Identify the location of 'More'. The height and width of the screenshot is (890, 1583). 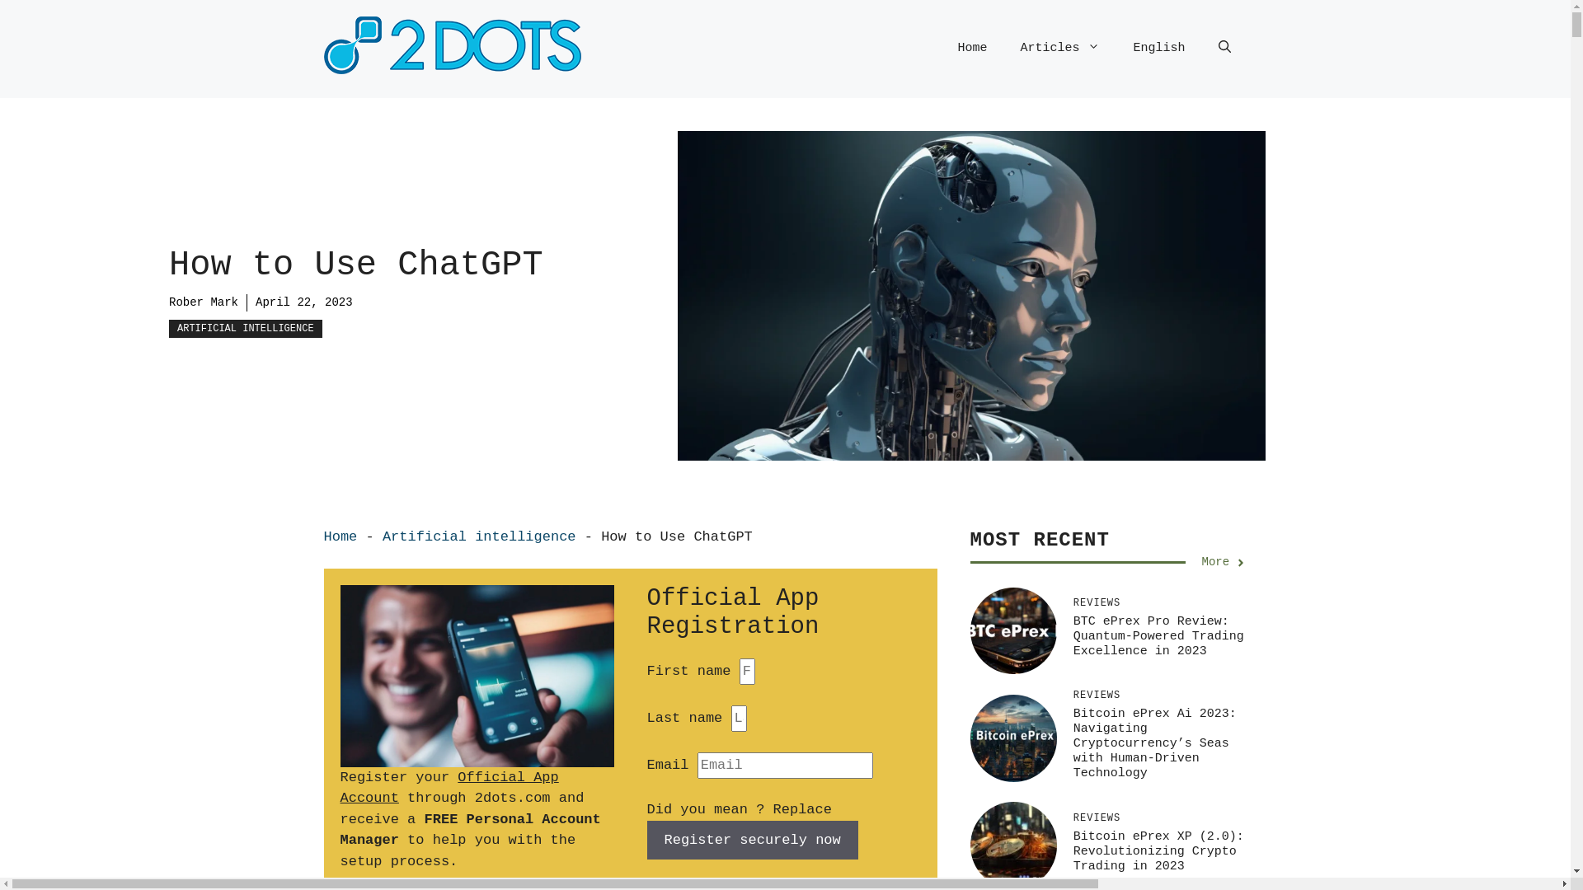
(1224, 561).